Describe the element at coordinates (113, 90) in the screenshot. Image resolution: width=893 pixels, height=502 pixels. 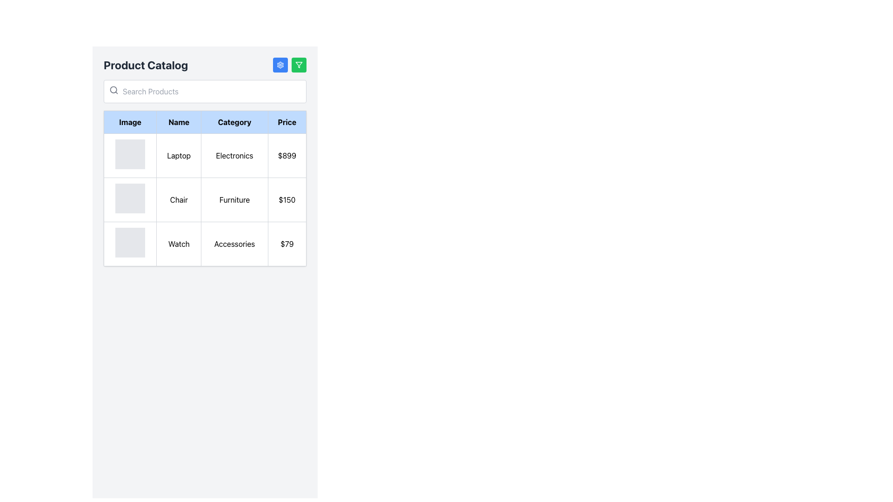
I see `the search icon located in the leftmost section of the search input box, adjacent to the placeholder text 'Search Products'` at that location.